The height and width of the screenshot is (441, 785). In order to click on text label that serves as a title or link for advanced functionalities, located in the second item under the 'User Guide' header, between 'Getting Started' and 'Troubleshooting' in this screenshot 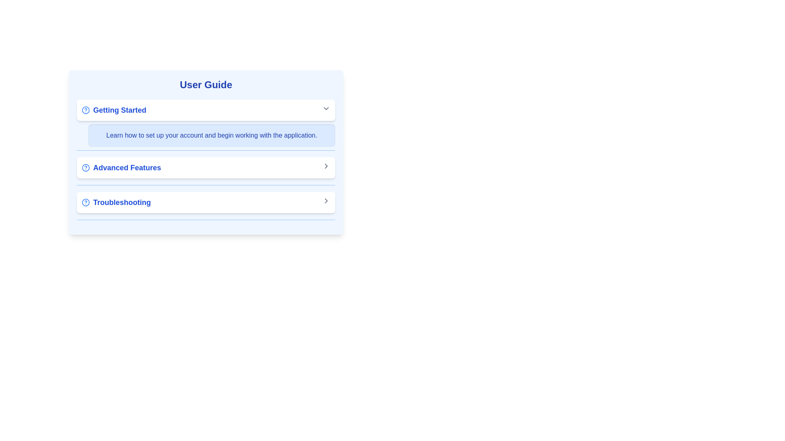, I will do `click(127, 167)`.